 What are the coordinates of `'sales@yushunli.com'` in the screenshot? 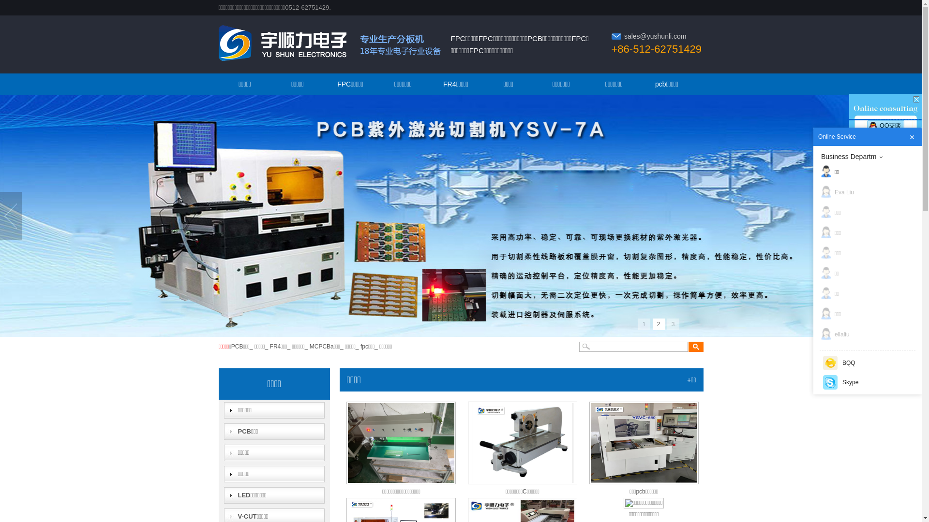 It's located at (655, 35).